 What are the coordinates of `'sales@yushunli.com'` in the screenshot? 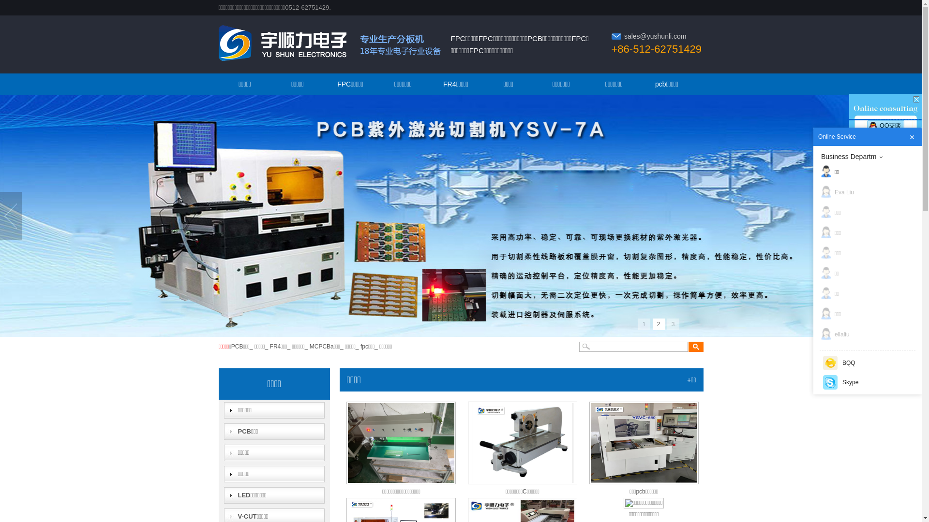 It's located at (655, 35).